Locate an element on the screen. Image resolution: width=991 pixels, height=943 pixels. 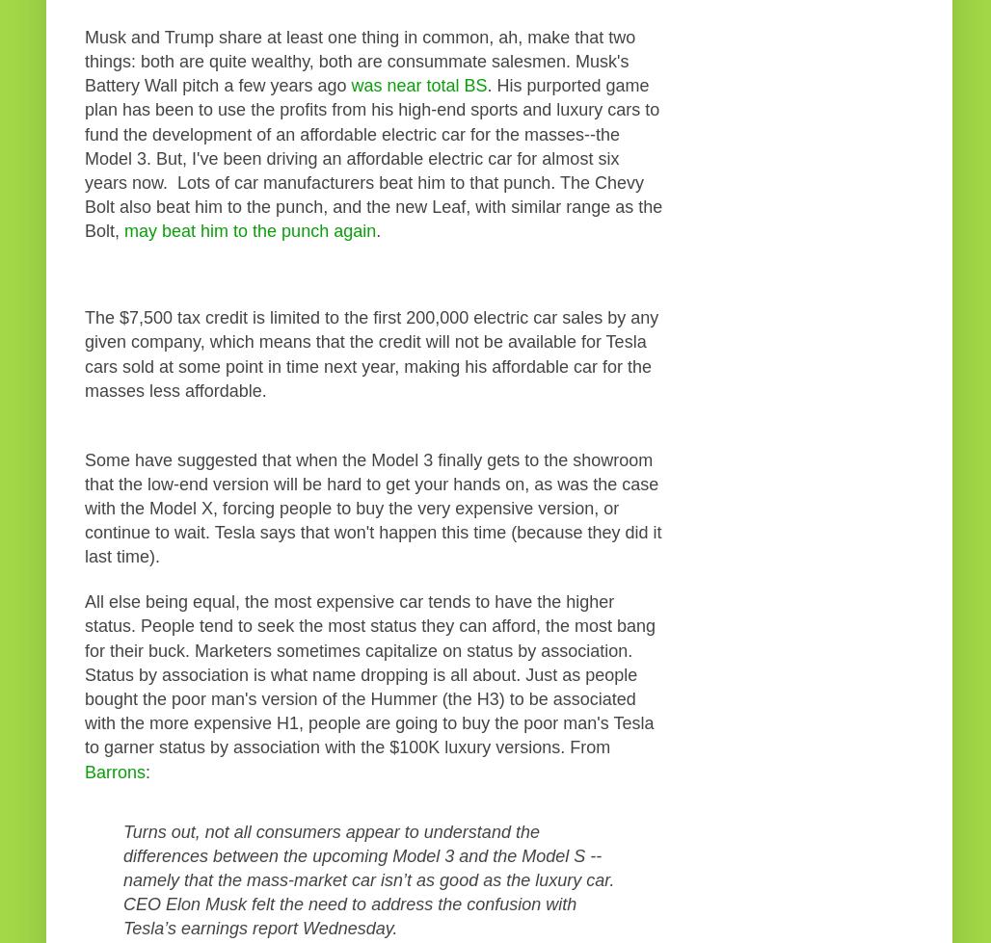
':' is located at coordinates (147, 771).